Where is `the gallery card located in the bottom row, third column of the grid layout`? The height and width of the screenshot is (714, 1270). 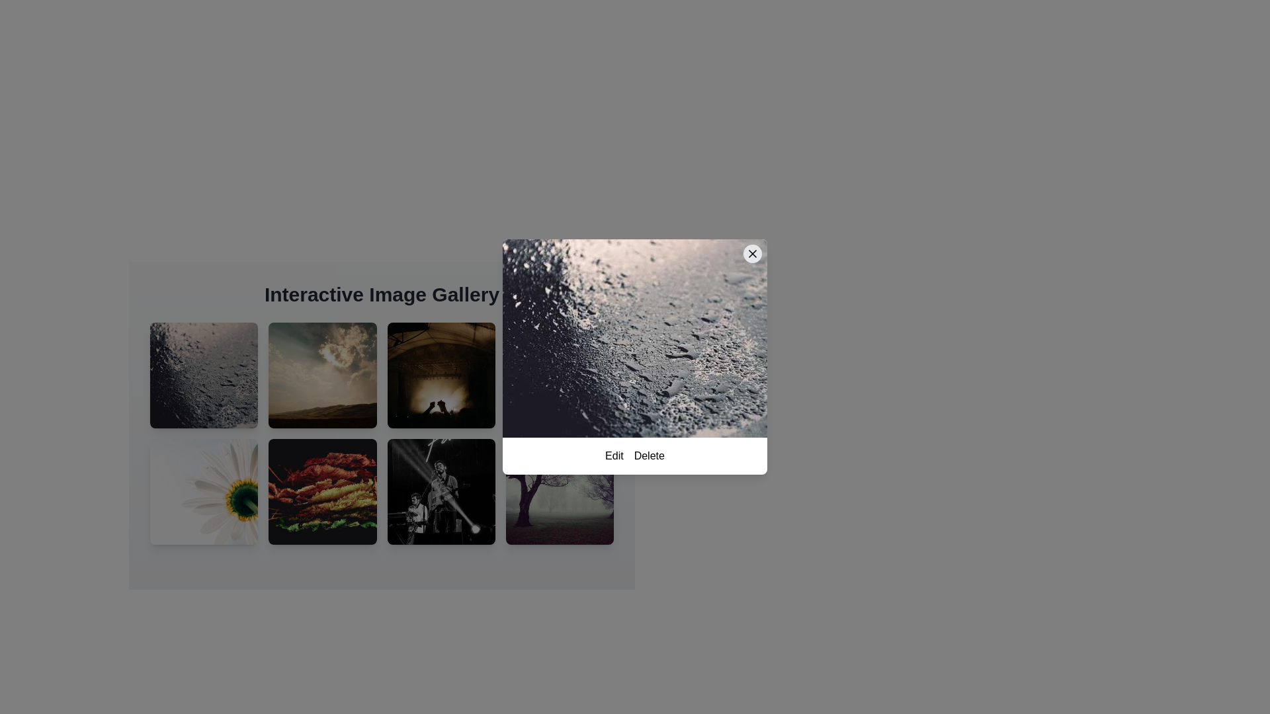
the gallery card located in the bottom row, third column of the grid layout is located at coordinates (441, 492).